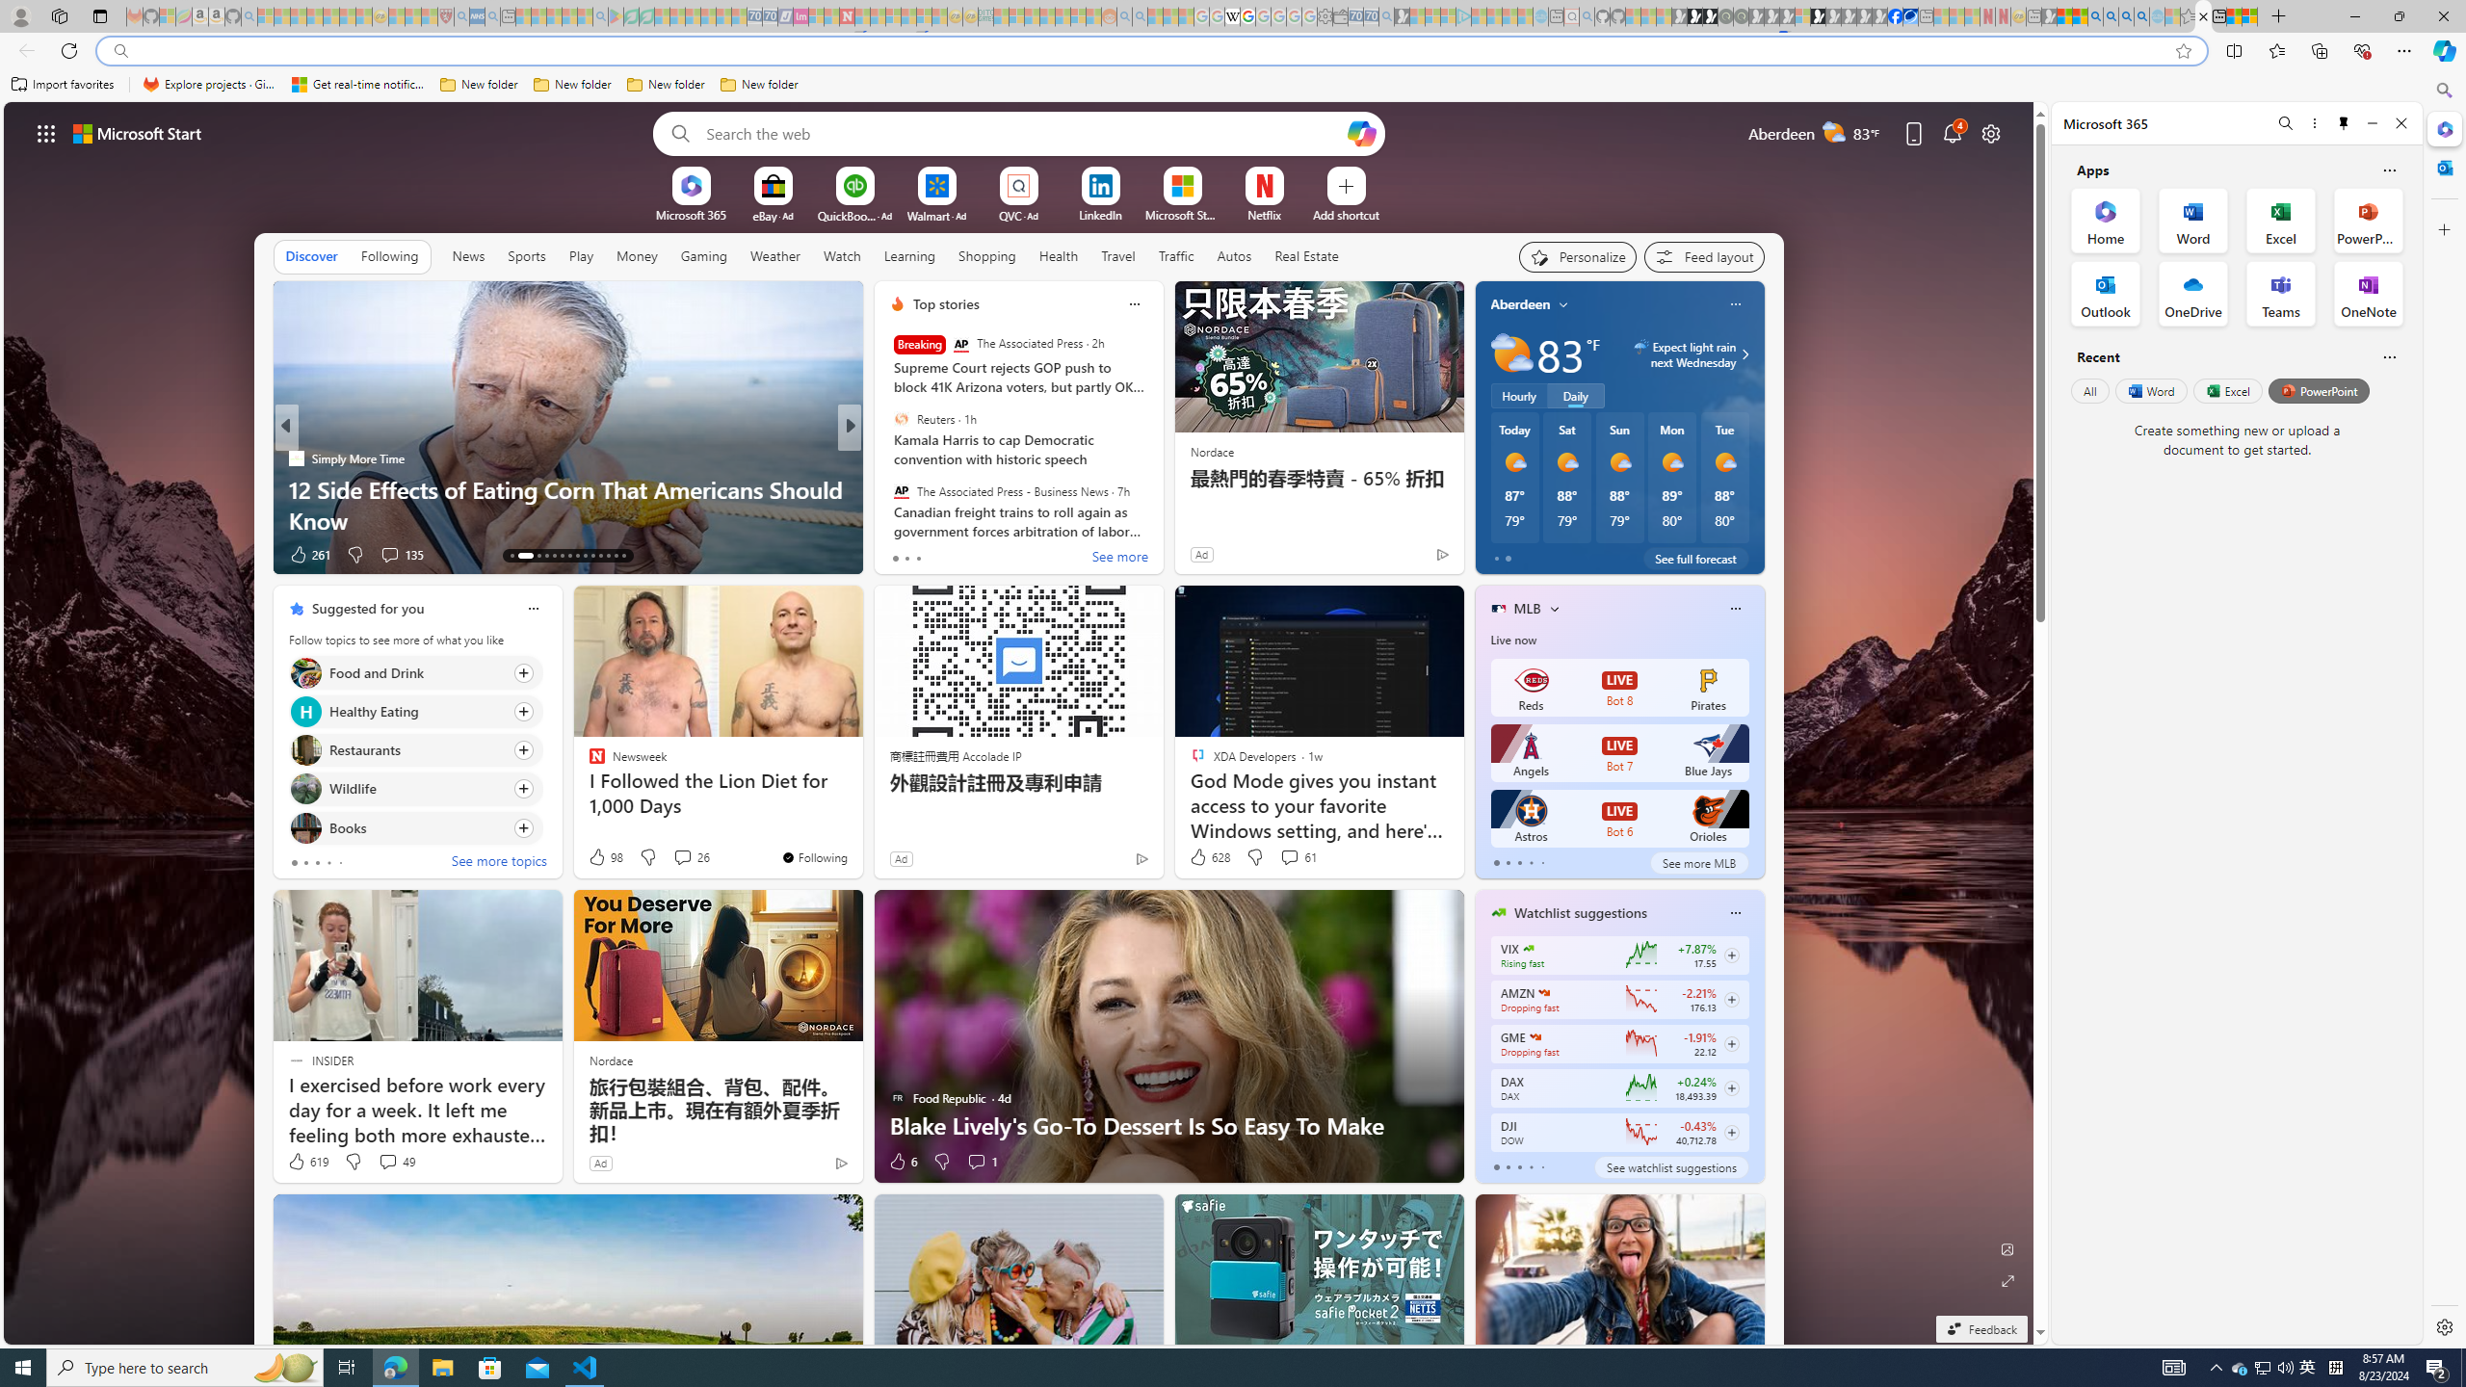 This screenshot has width=2466, height=1387. I want to click on 'Mostly sunny', so click(1723, 461).